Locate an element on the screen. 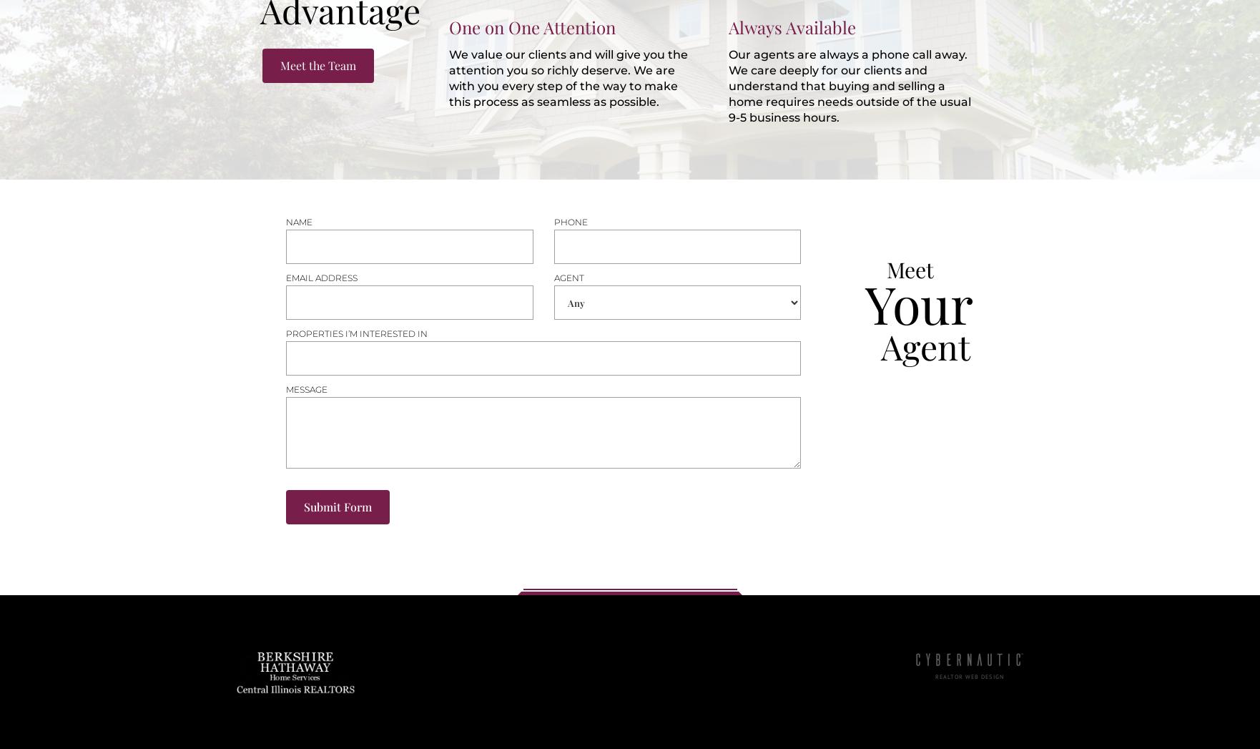 Image resolution: width=1260 pixels, height=749 pixels. 'Our agents are always a phone call away. We care deeply for our clients and understand that buying and selling a home requires needs outside of the usual 9-5 business hours.' is located at coordinates (728, 85).